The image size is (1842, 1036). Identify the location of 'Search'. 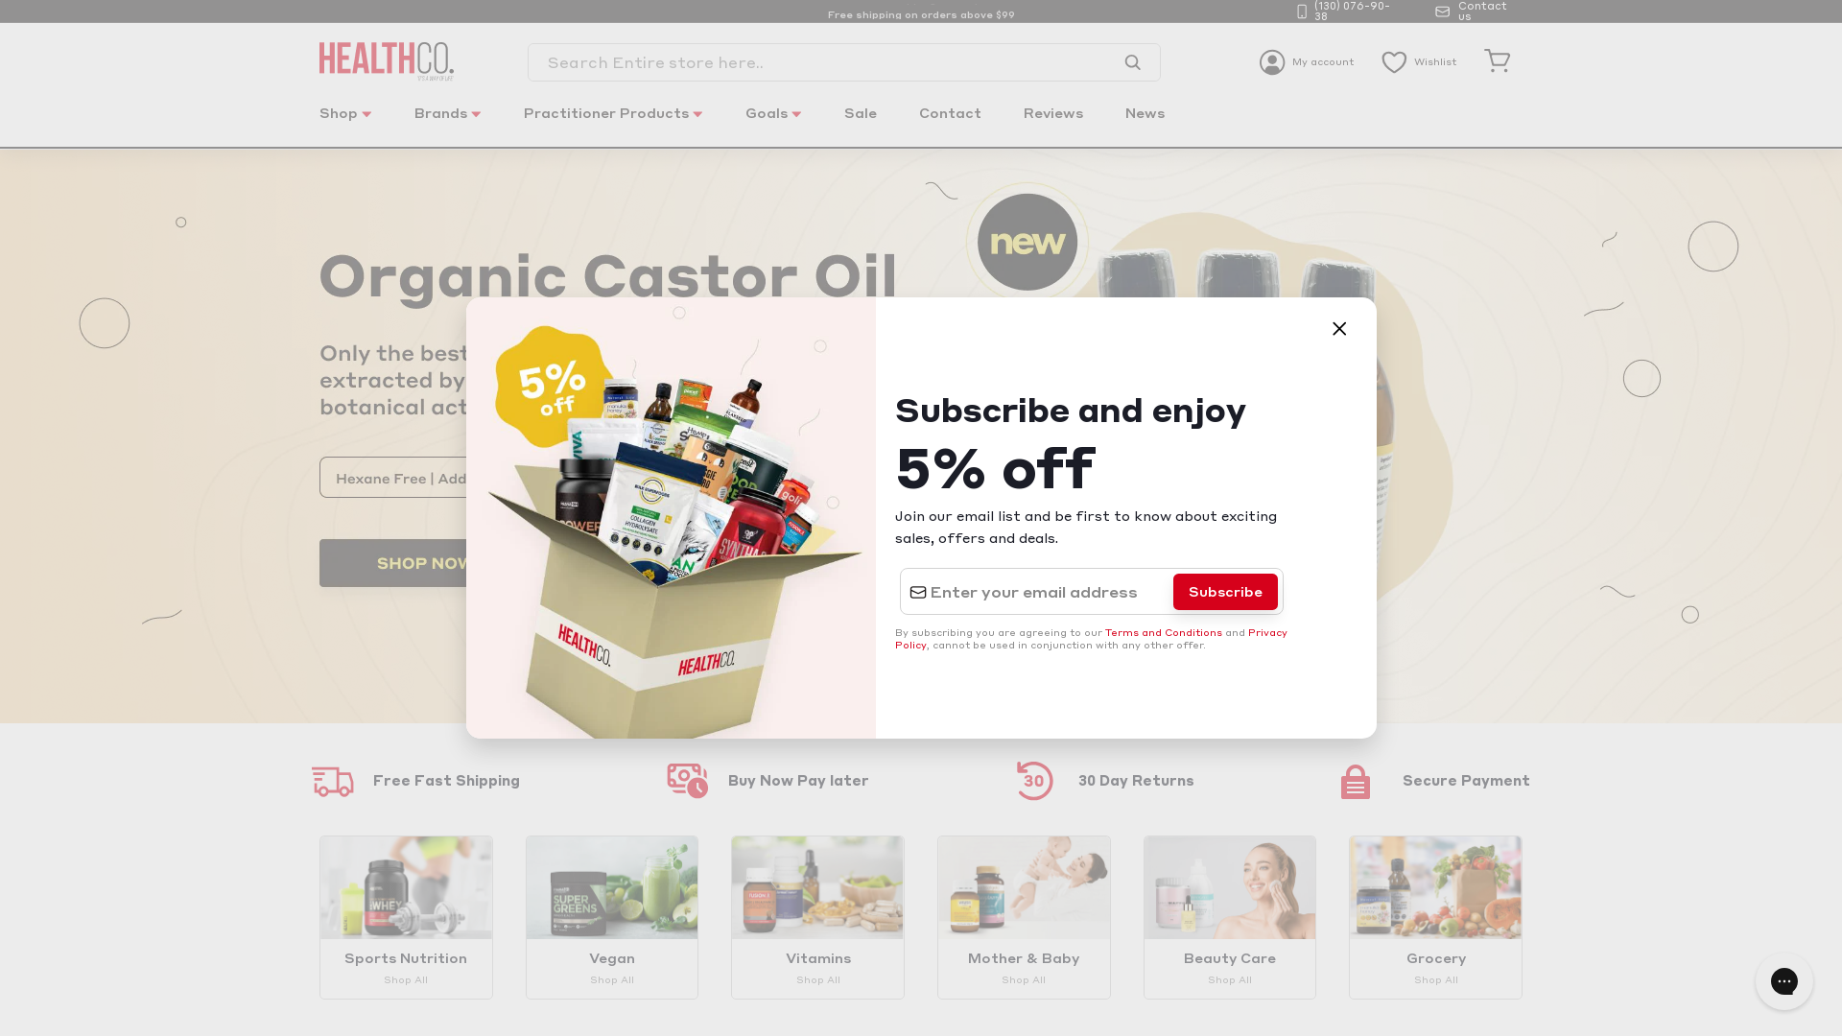
(1132, 61).